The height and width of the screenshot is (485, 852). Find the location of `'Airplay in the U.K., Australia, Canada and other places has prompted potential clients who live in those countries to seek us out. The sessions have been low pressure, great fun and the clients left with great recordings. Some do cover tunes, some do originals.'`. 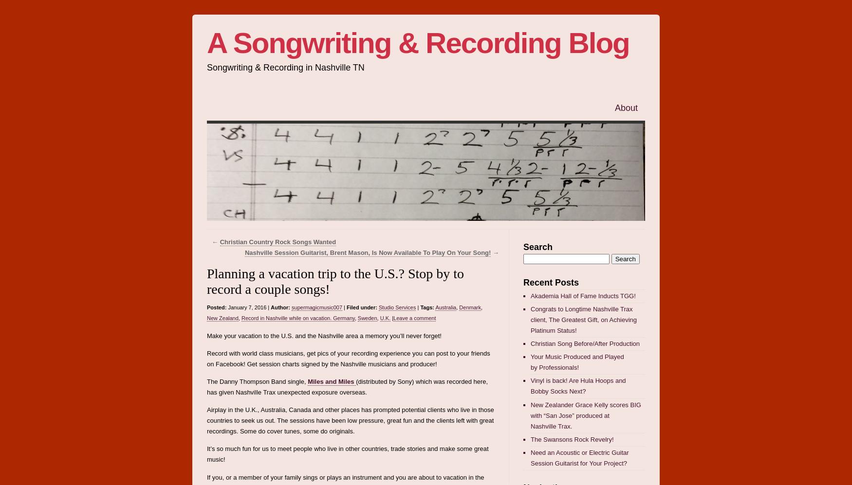

'Airplay in the U.K., Australia, Canada and other places has prompted potential clients who live in those countries to seek us out. The sessions have been low pressure, great fun and the clients left with great recordings. Some do cover tunes, some do originals.' is located at coordinates (206, 420).